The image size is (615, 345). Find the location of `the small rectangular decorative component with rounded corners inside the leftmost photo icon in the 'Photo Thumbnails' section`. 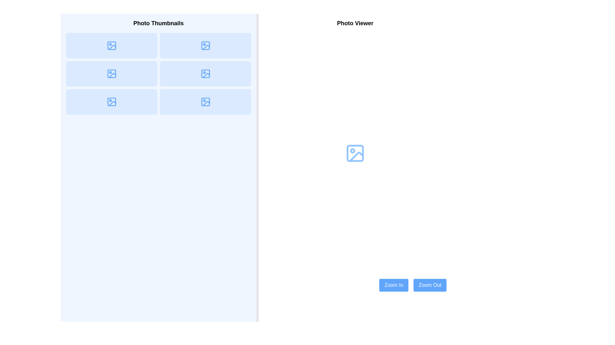

the small rectangular decorative component with rounded corners inside the leftmost photo icon in the 'Photo Thumbnails' section is located at coordinates (111, 45).